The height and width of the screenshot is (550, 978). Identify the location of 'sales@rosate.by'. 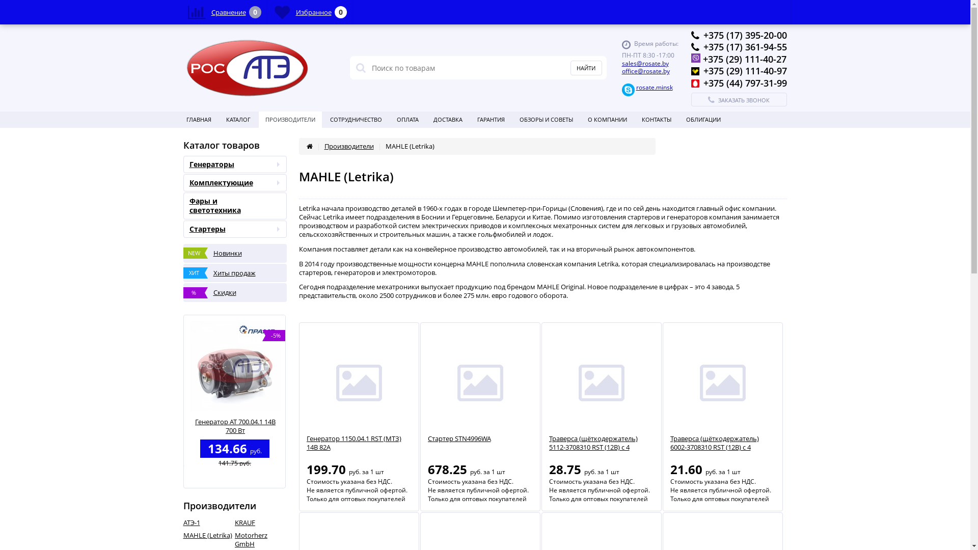
(620, 63).